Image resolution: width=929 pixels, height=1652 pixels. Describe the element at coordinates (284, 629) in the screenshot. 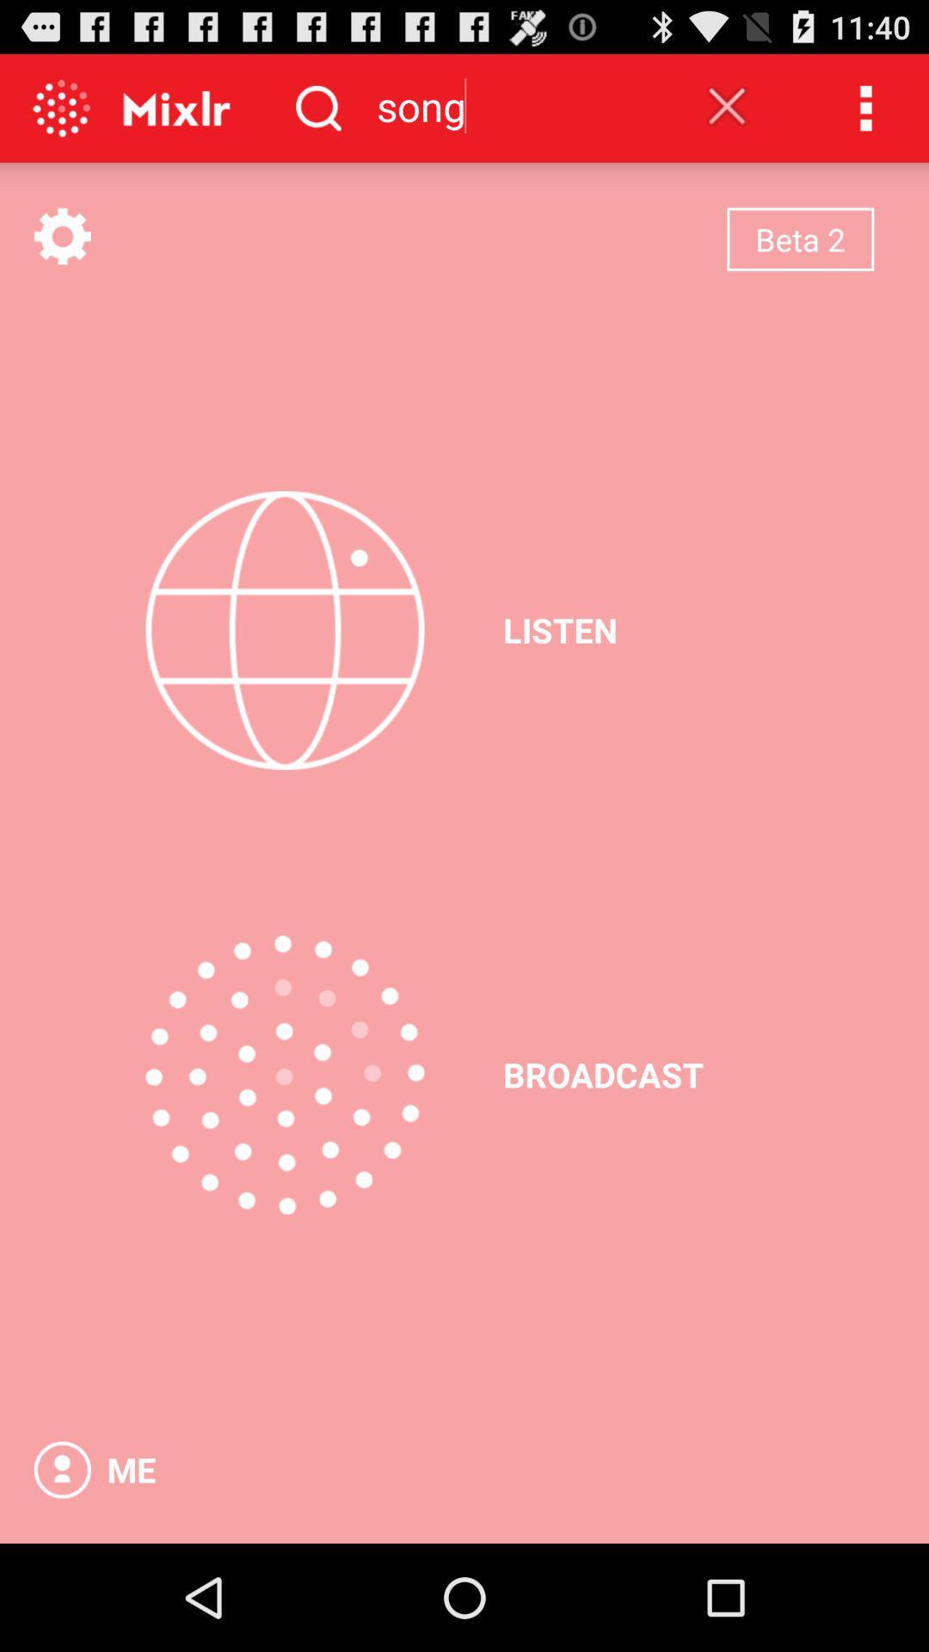

I see `music` at that location.